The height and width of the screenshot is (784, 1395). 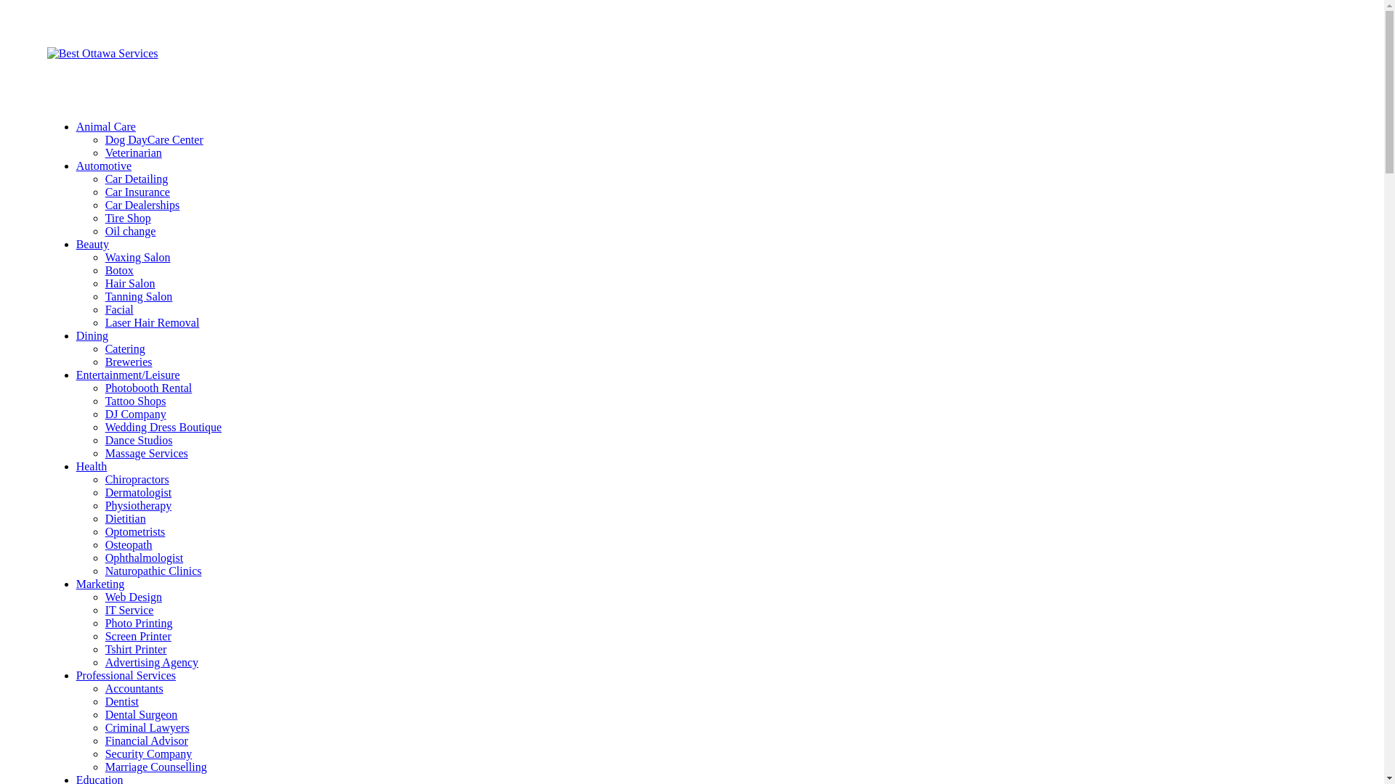 I want to click on 'IT Service', so click(x=104, y=610).